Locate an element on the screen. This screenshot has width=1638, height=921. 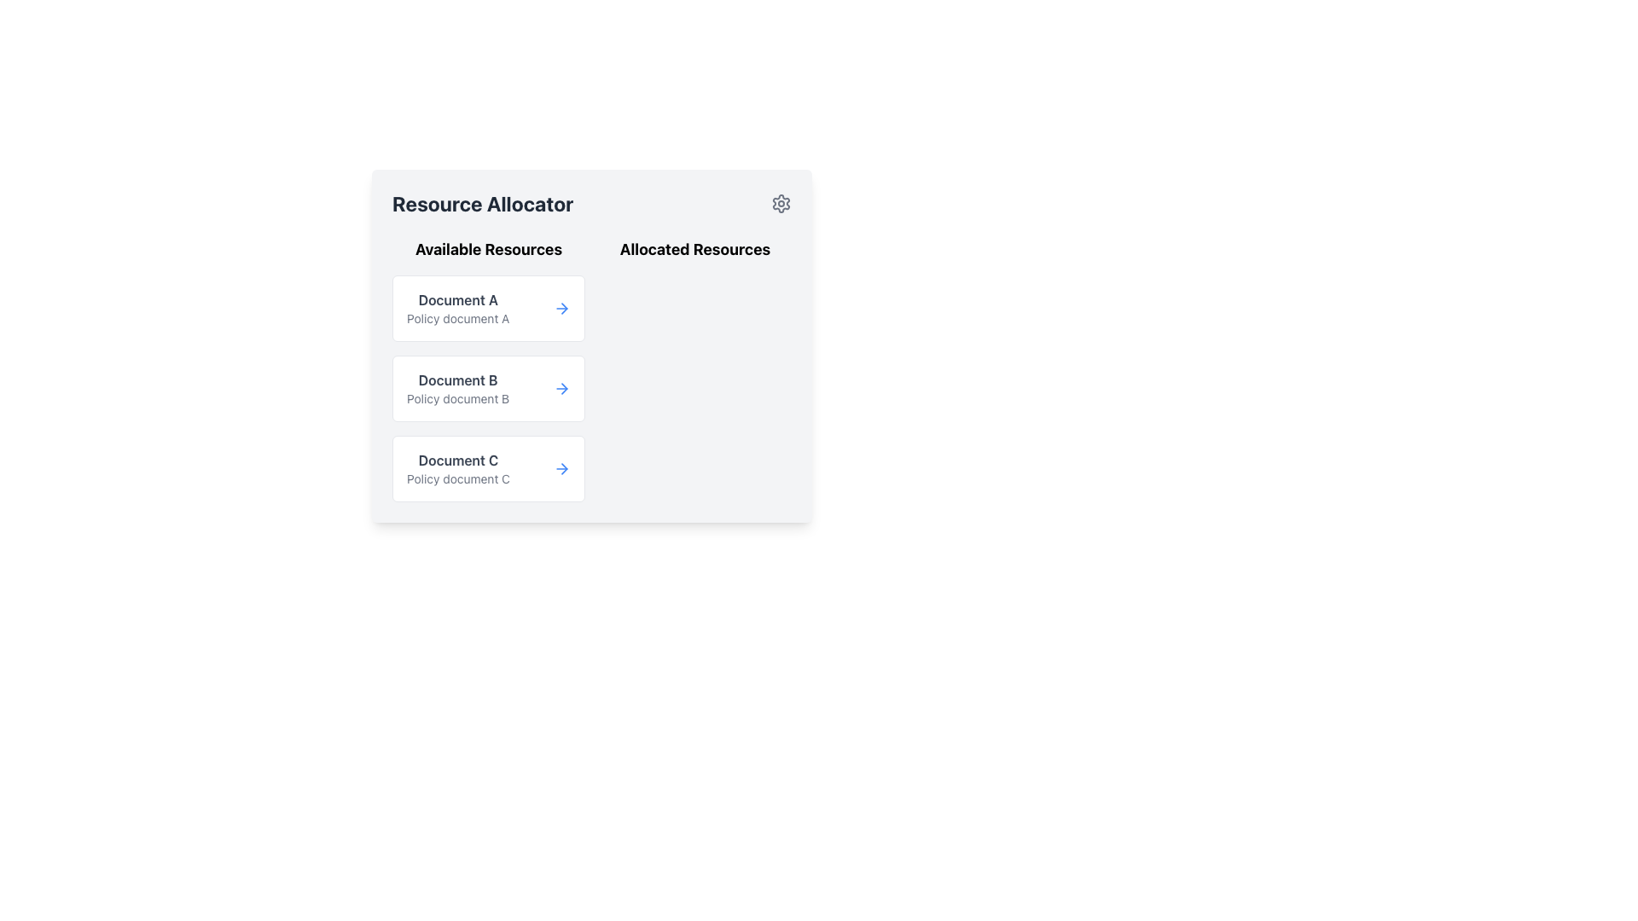
text of the bold dark gray label displaying 'Document A', which is the first item in the 'Available Resources' column is located at coordinates (458, 298).